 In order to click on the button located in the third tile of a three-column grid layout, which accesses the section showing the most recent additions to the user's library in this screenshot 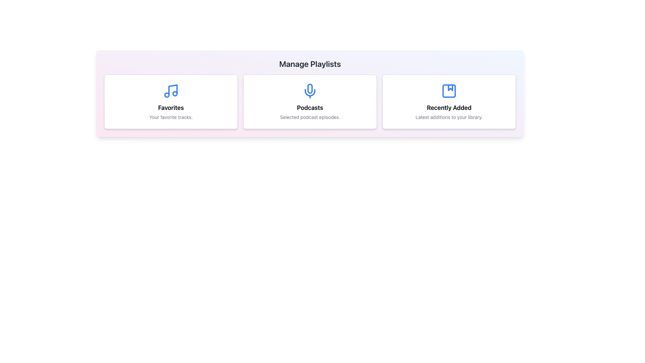, I will do `click(449, 102)`.